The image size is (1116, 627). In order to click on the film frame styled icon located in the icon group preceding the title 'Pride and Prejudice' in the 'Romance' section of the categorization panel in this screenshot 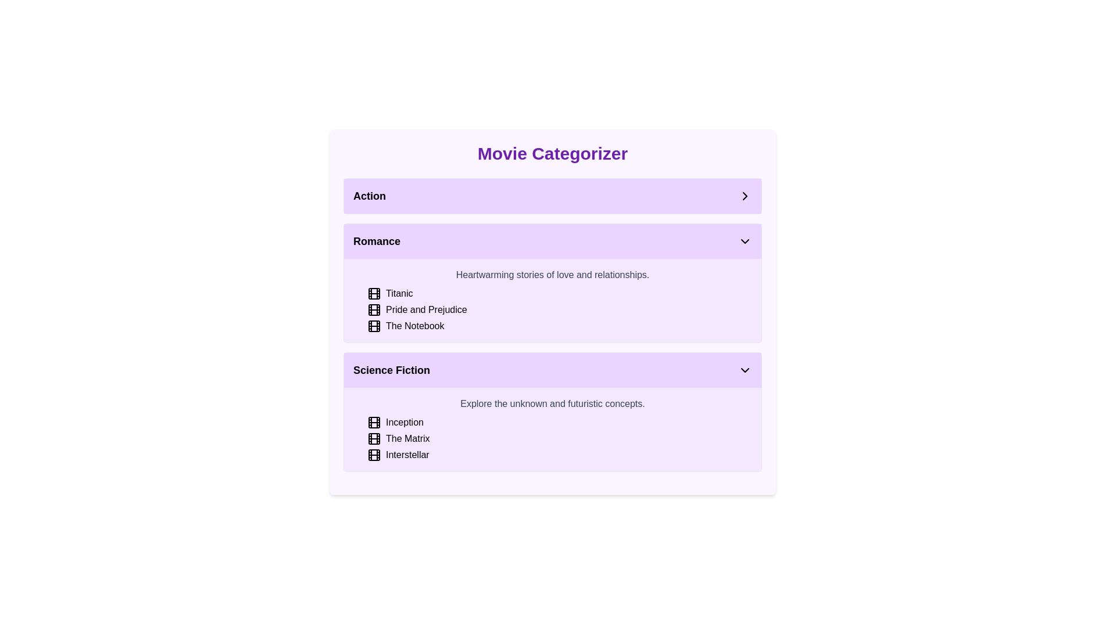, I will do `click(374, 309)`.